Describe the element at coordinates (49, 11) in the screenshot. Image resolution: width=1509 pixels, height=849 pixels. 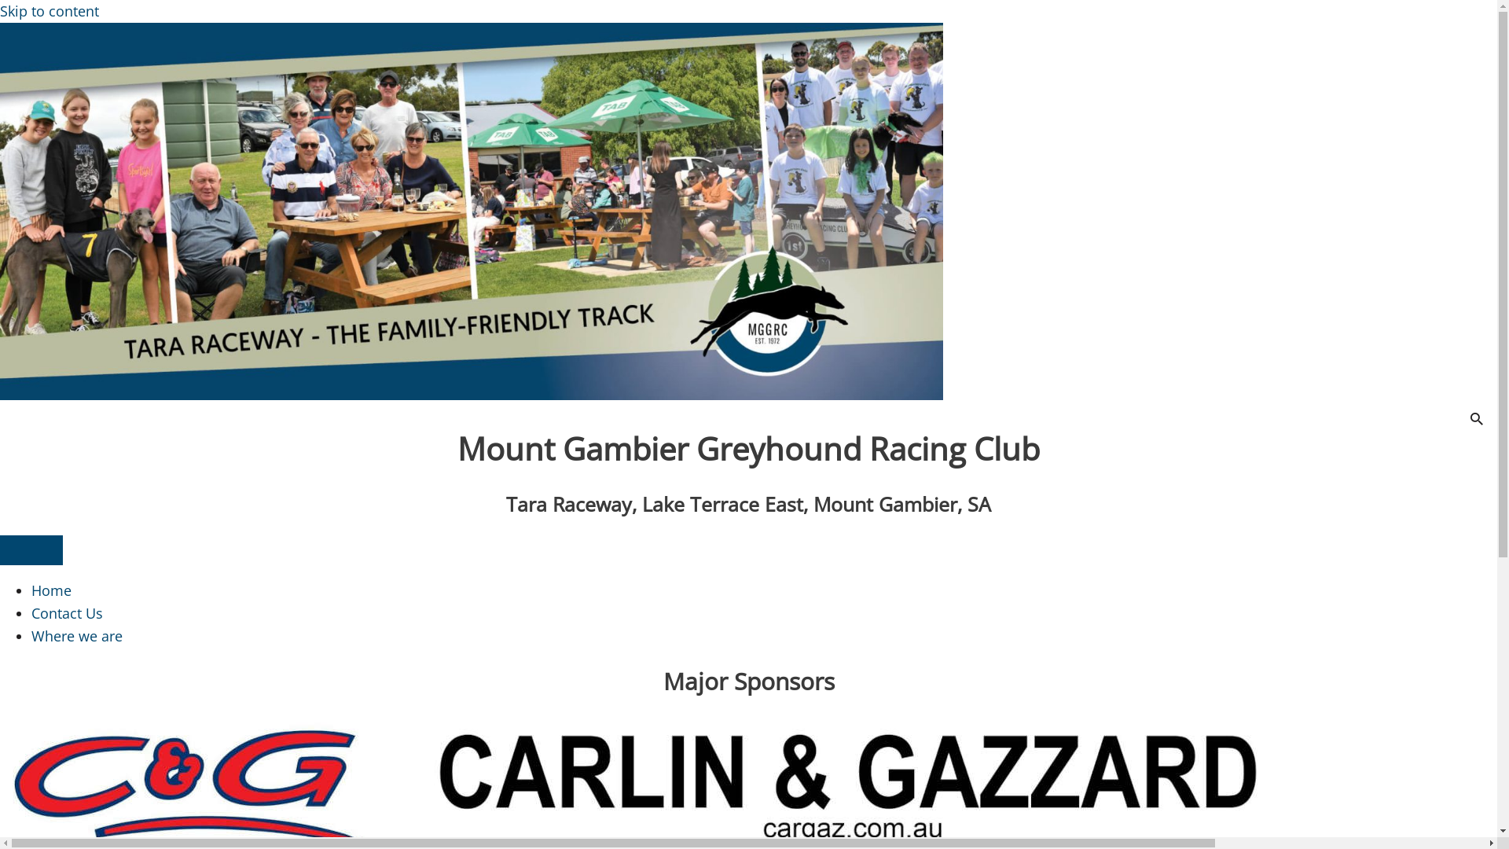
I see `'Skip to content'` at that location.